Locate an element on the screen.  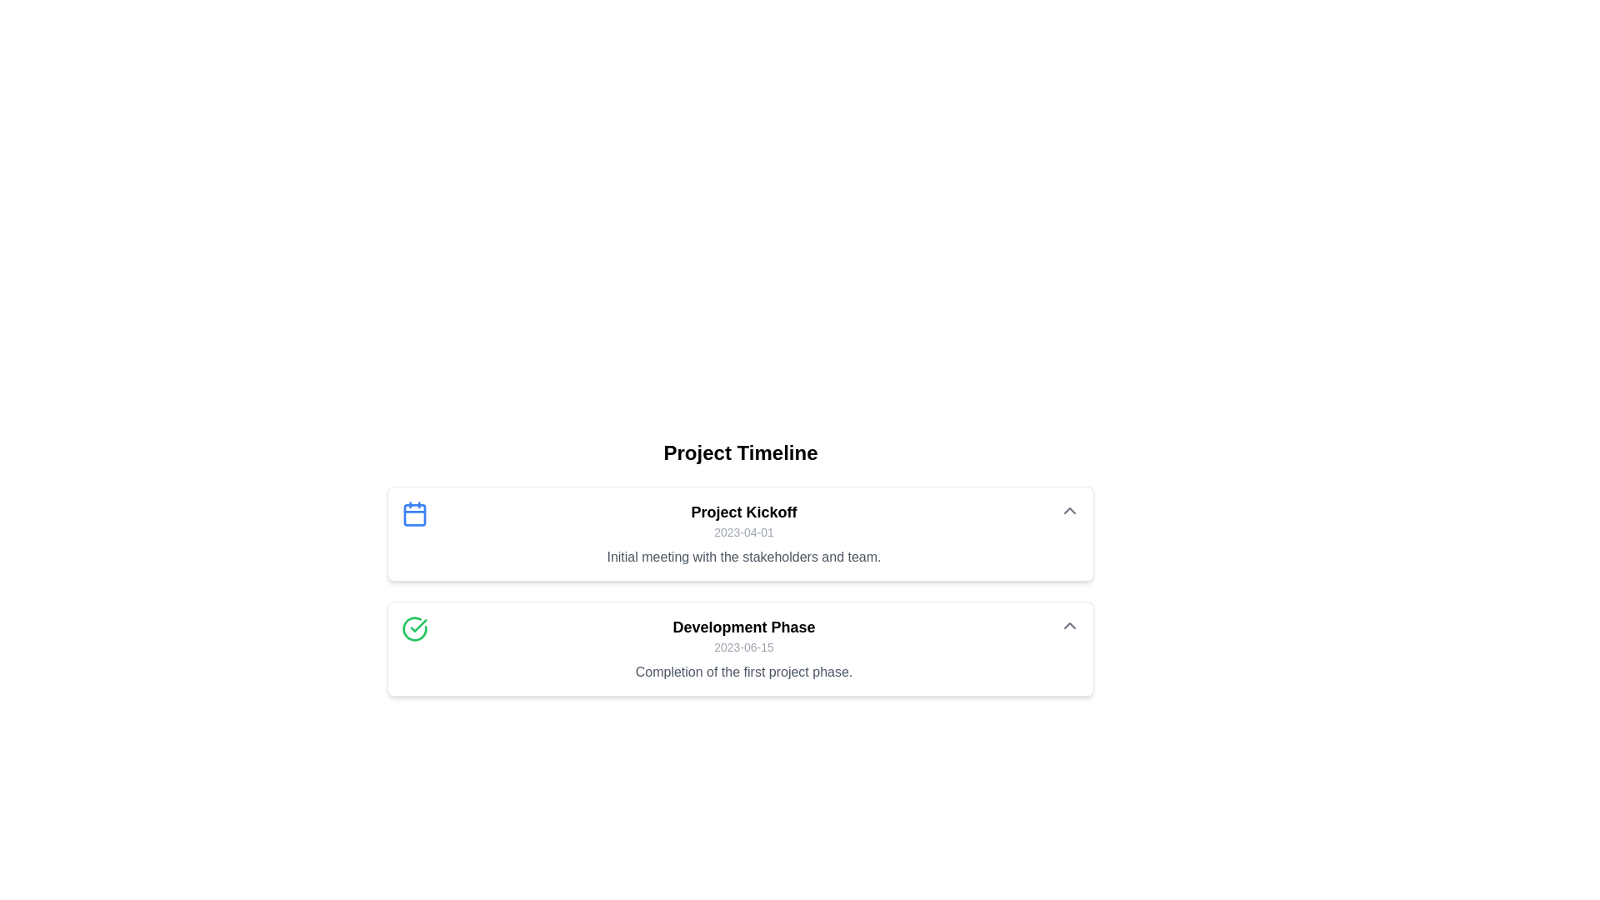
the blue calendar icon located at the top-left corner of the project milestone card, which is visually distinct with its blue outline and simplistic design, preceding the text 'Project Kickoff' is located at coordinates (415, 513).